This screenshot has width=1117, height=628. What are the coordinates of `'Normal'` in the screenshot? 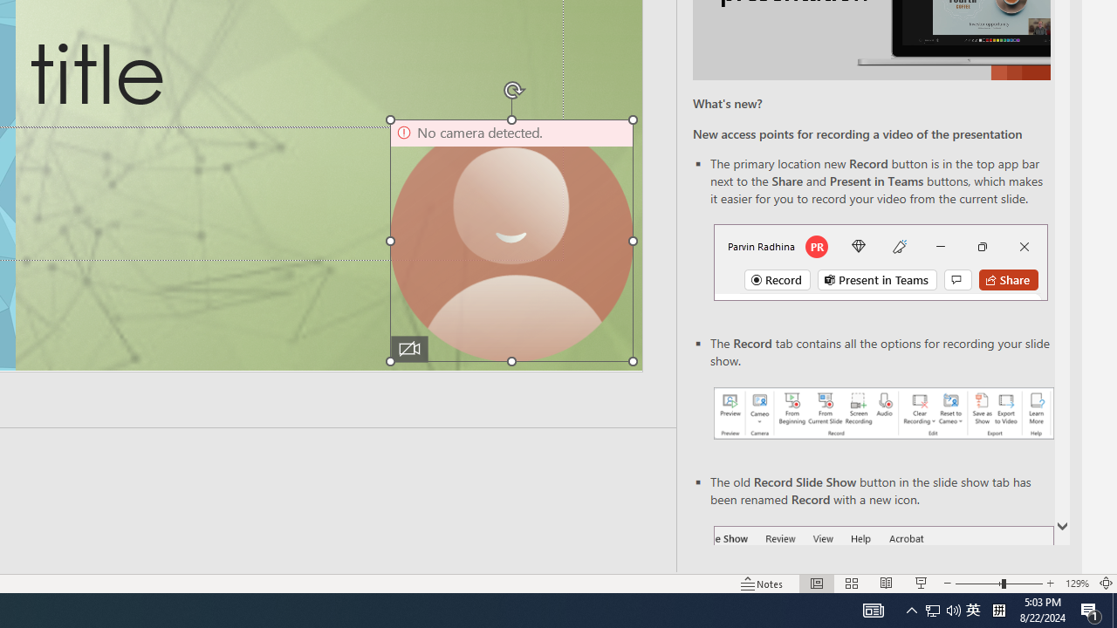 It's located at (816, 584).